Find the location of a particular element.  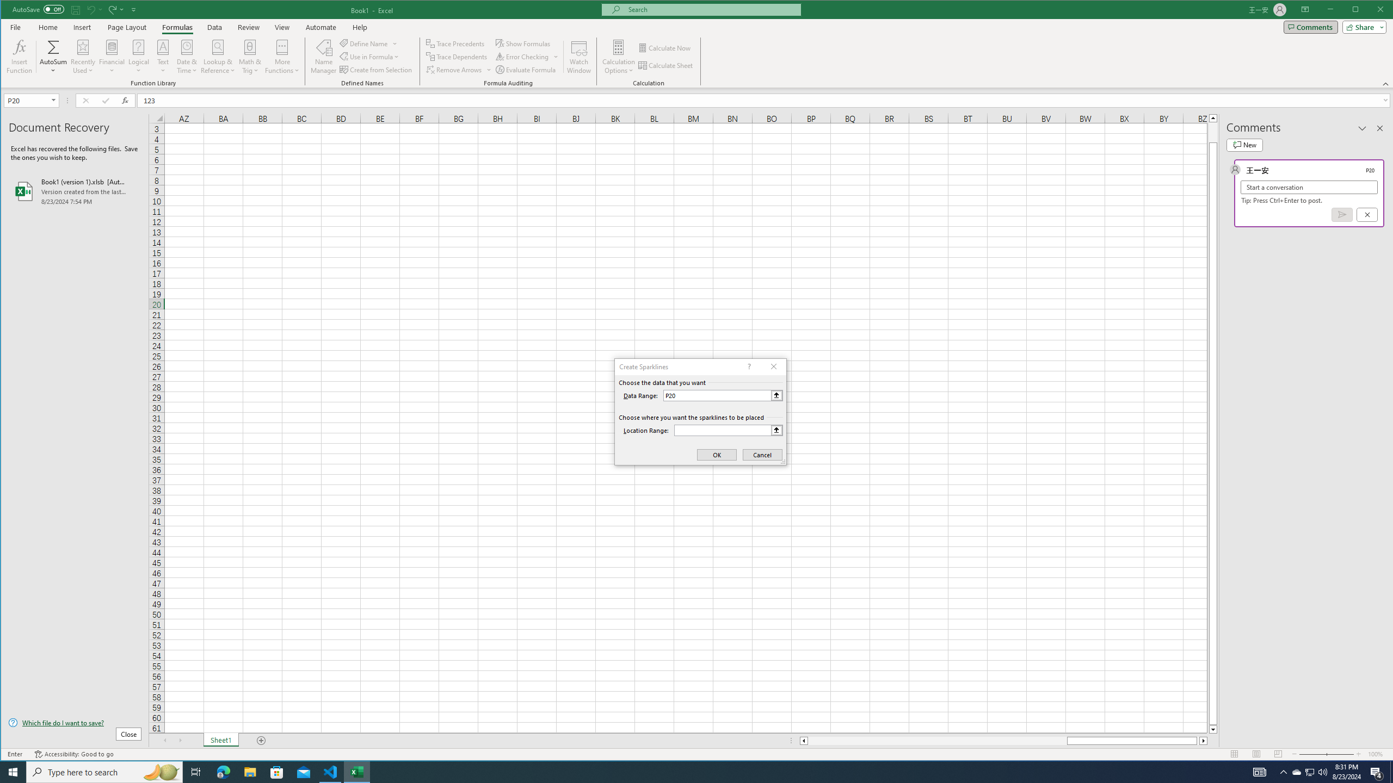

'Normal' is located at coordinates (1234, 754).